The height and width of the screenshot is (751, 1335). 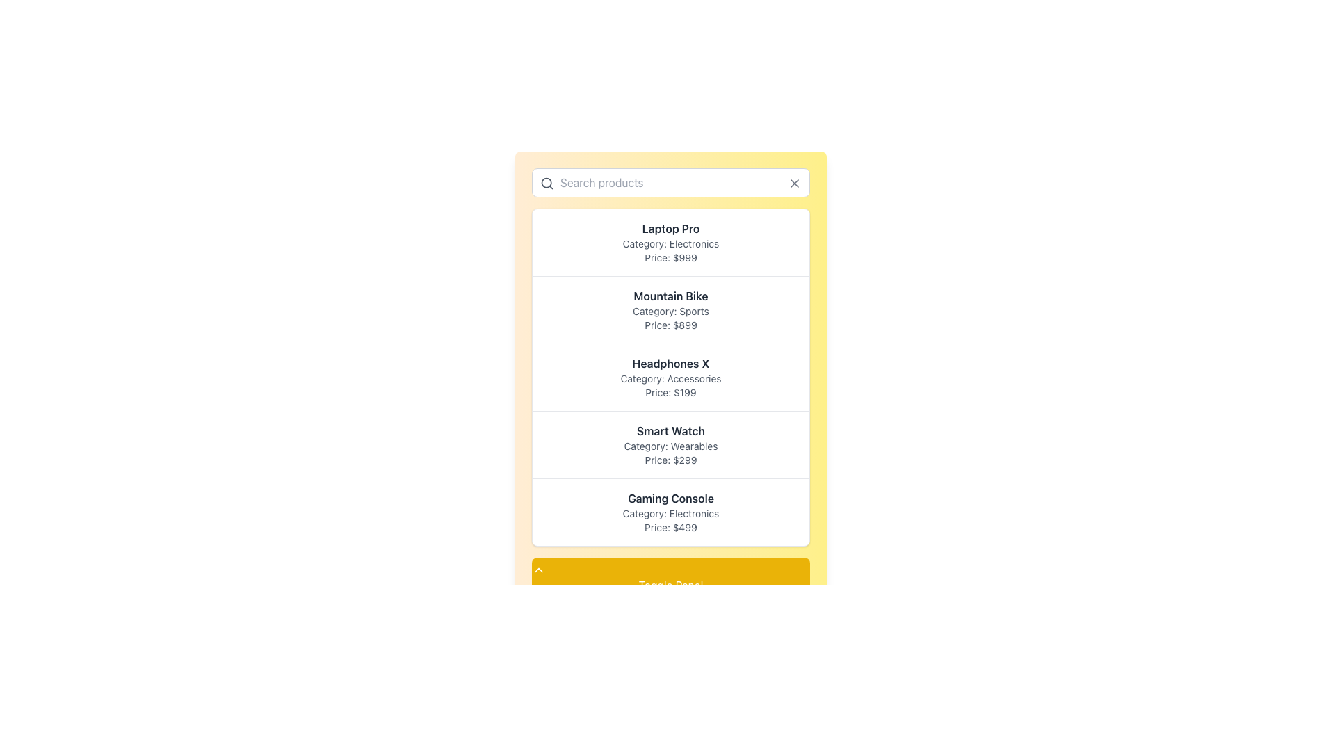 What do you see at coordinates (794, 182) in the screenshot?
I see `the clear button located in the top-right corner of the search input box to change its color` at bounding box center [794, 182].